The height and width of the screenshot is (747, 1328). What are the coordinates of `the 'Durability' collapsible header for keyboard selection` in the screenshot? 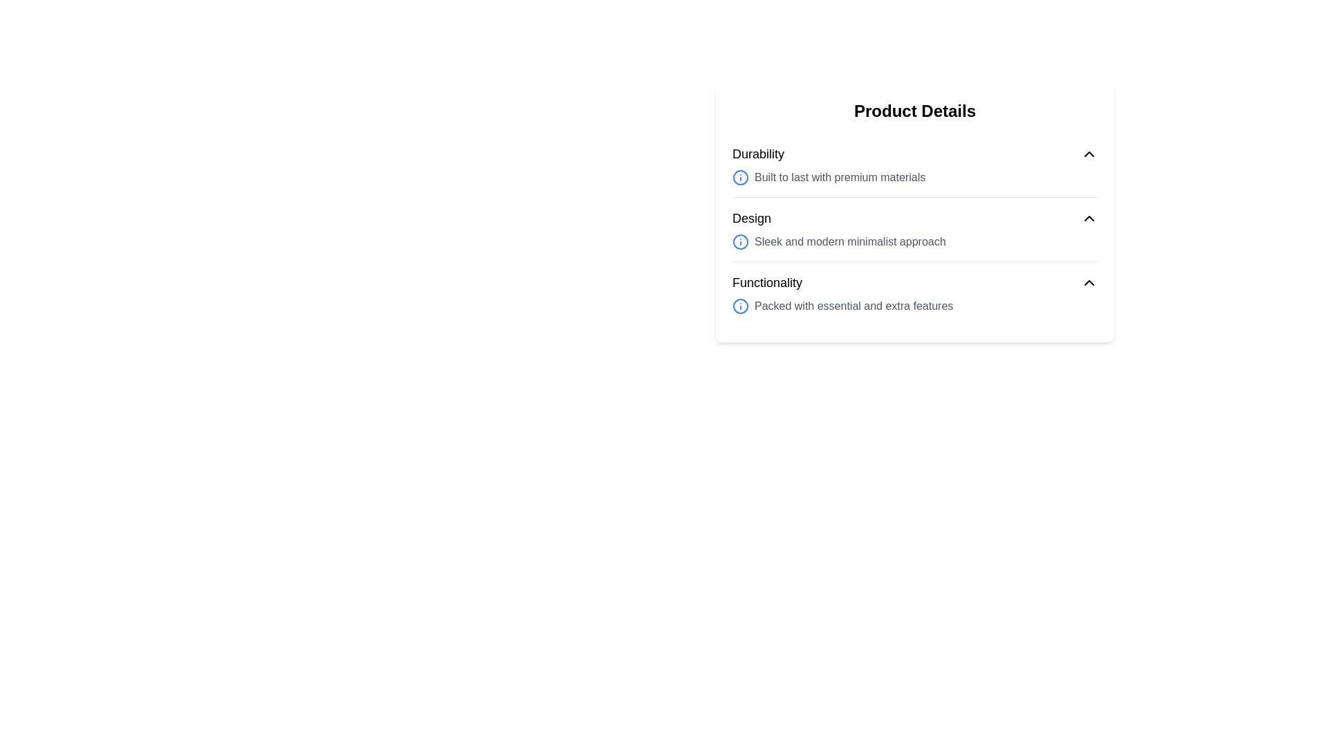 It's located at (915, 154).